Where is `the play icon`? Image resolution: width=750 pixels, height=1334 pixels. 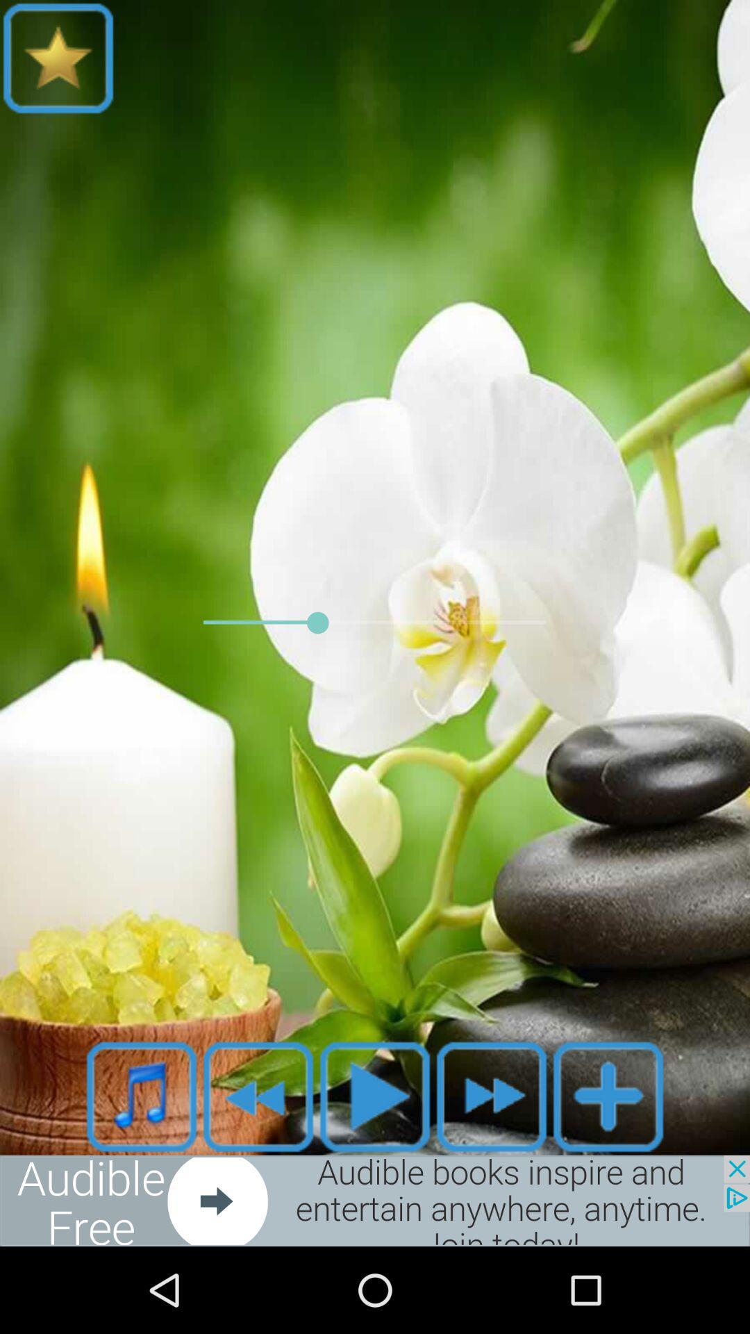
the play icon is located at coordinates (375, 1096).